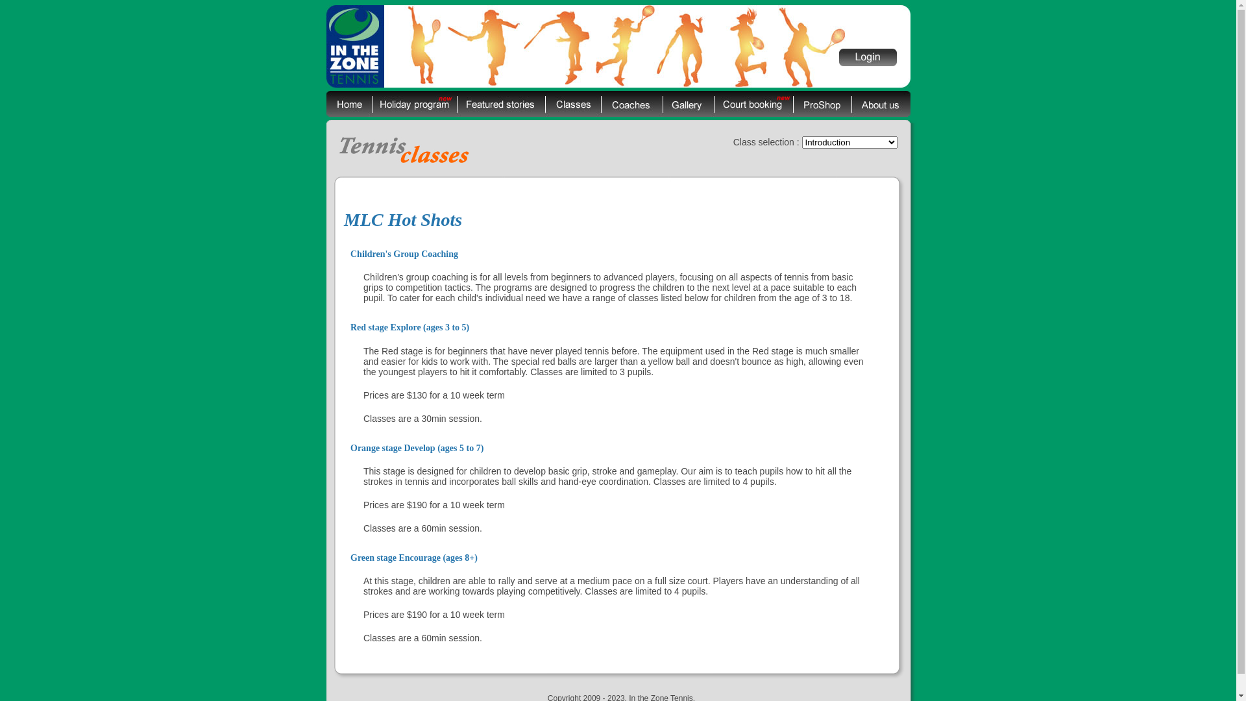 This screenshot has height=701, width=1246. What do you see at coordinates (413, 103) in the screenshot?
I see `'School Holiday Programs'` at bounding box center [413, 103].